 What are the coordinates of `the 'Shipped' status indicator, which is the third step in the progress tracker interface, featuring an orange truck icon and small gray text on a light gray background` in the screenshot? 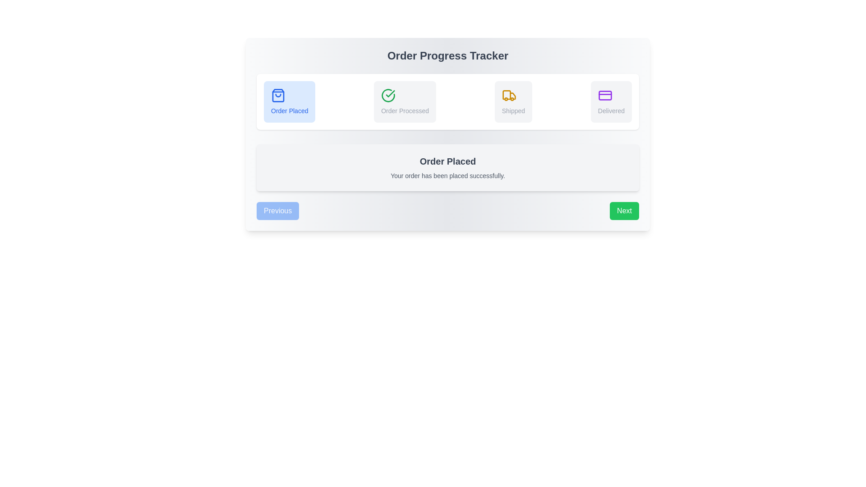 It's located at (513, 101).